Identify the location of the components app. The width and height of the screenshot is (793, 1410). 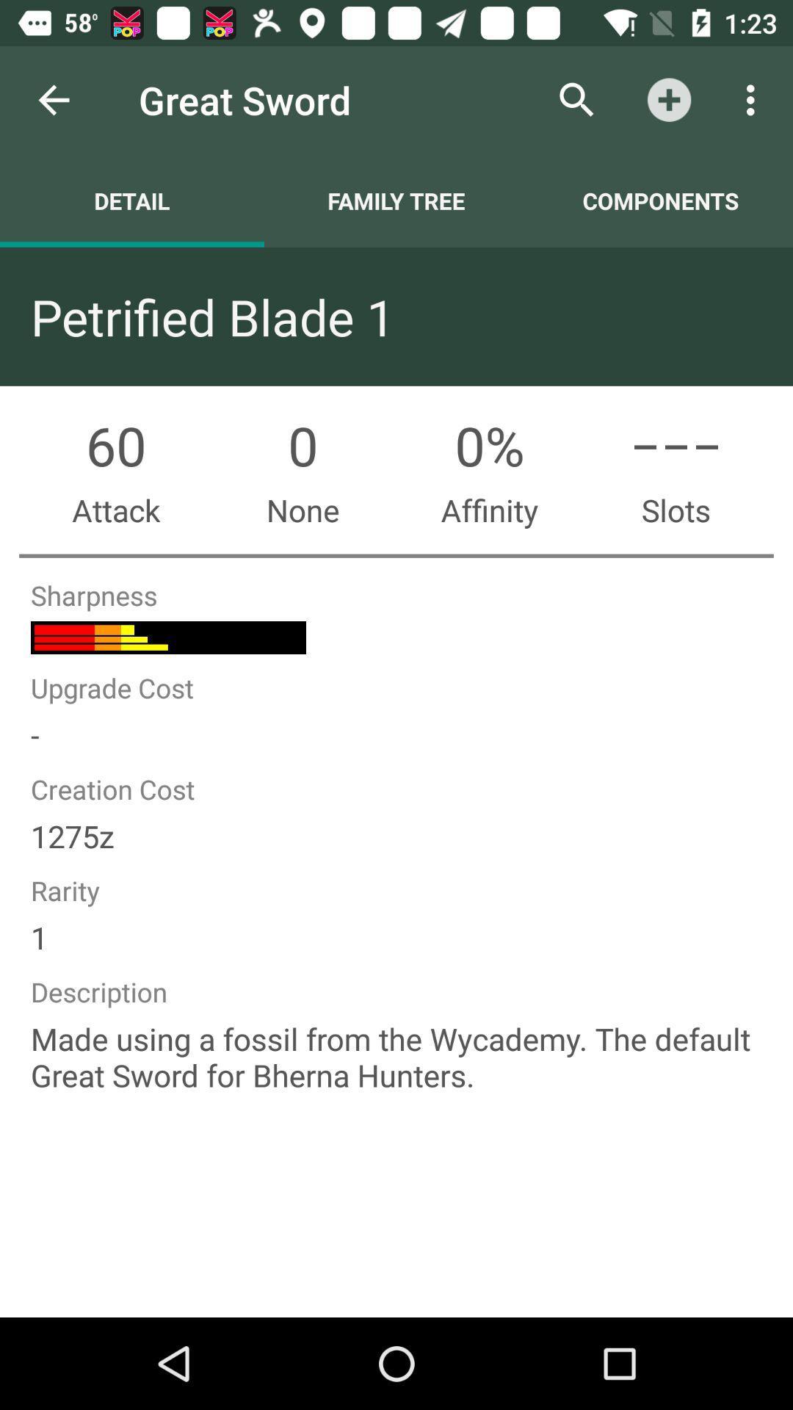
(659, 200).